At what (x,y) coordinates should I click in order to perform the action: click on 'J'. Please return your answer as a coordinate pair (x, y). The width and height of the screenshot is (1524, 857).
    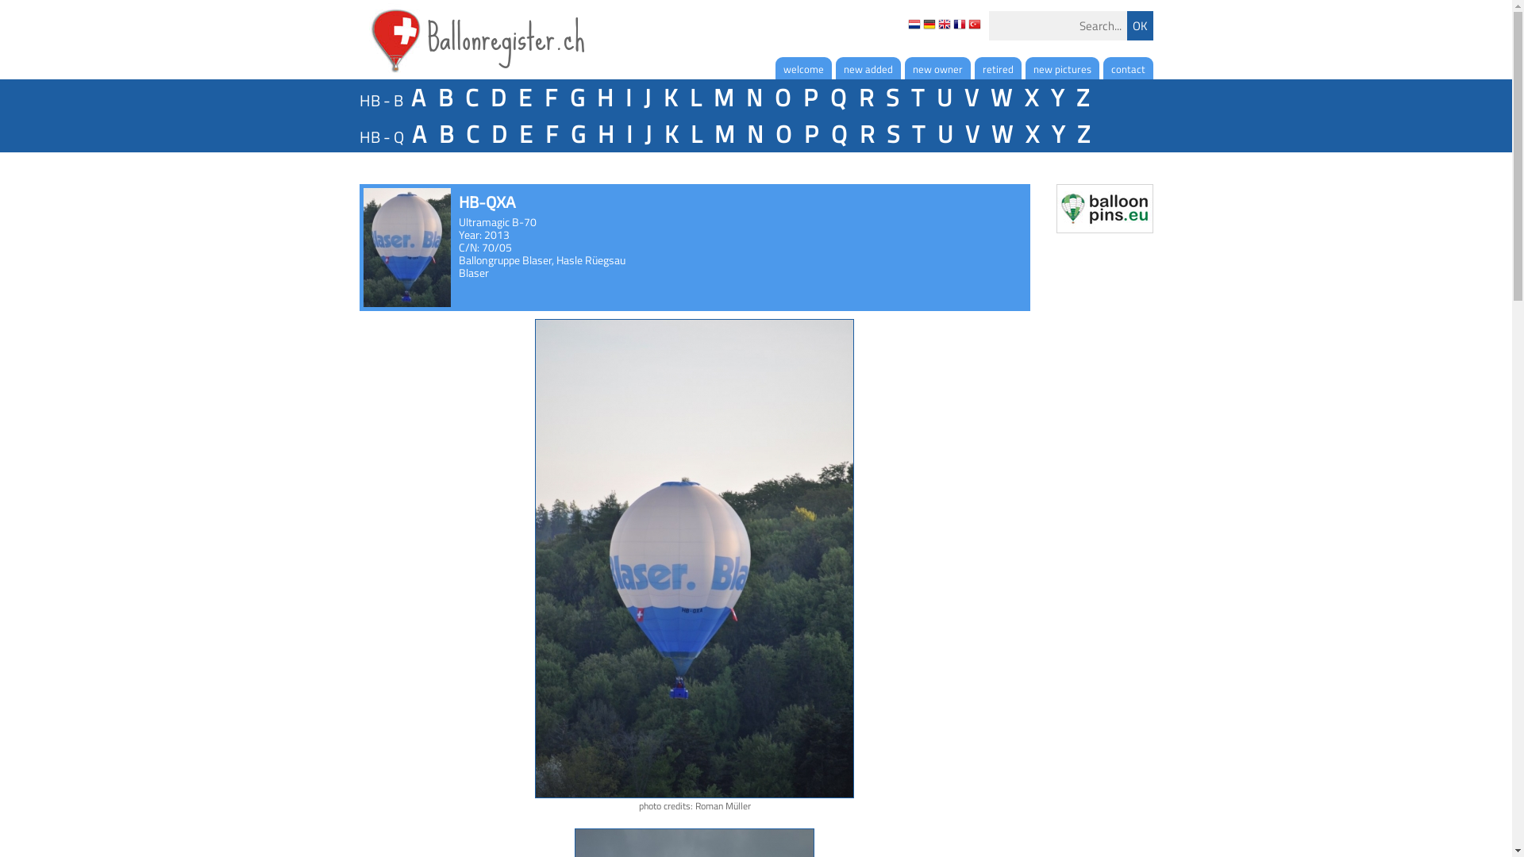
    Looking at the image, I should click on (646, 98).